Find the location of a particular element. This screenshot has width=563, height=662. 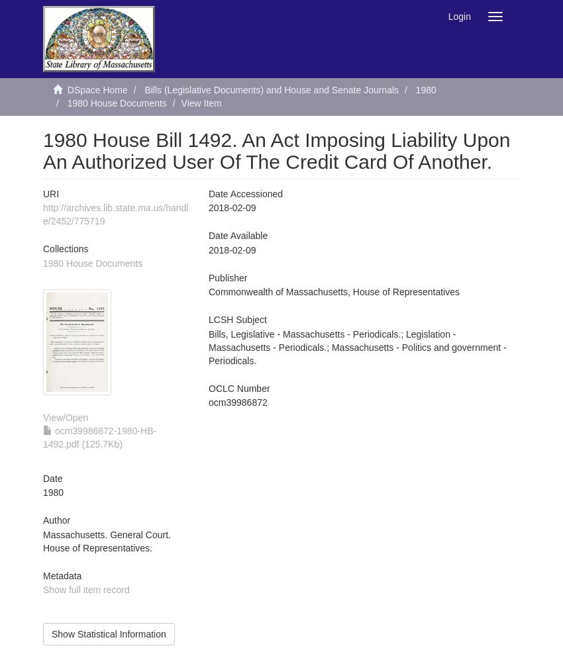

'Date' is located at coordinates (52, 477).